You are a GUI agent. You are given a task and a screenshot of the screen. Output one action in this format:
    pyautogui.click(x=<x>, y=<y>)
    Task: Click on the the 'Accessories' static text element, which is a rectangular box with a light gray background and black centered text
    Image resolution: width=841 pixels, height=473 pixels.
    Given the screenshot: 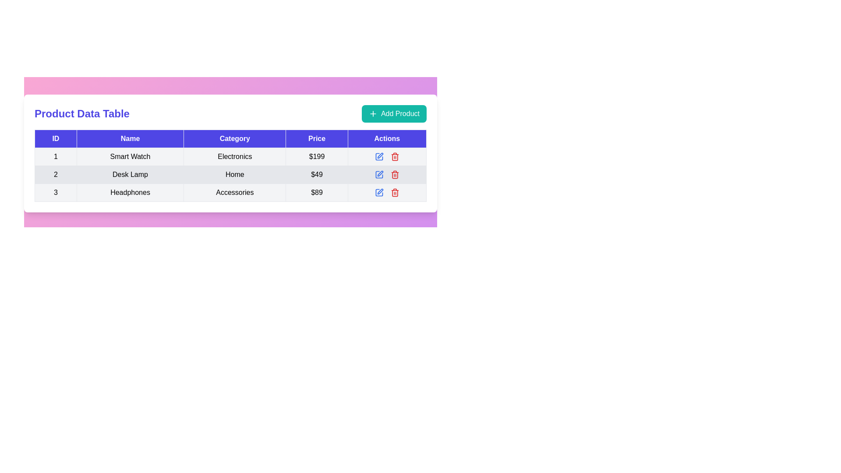 What is the action you would take?
    pyautogui.click(x=235, y=192)
    